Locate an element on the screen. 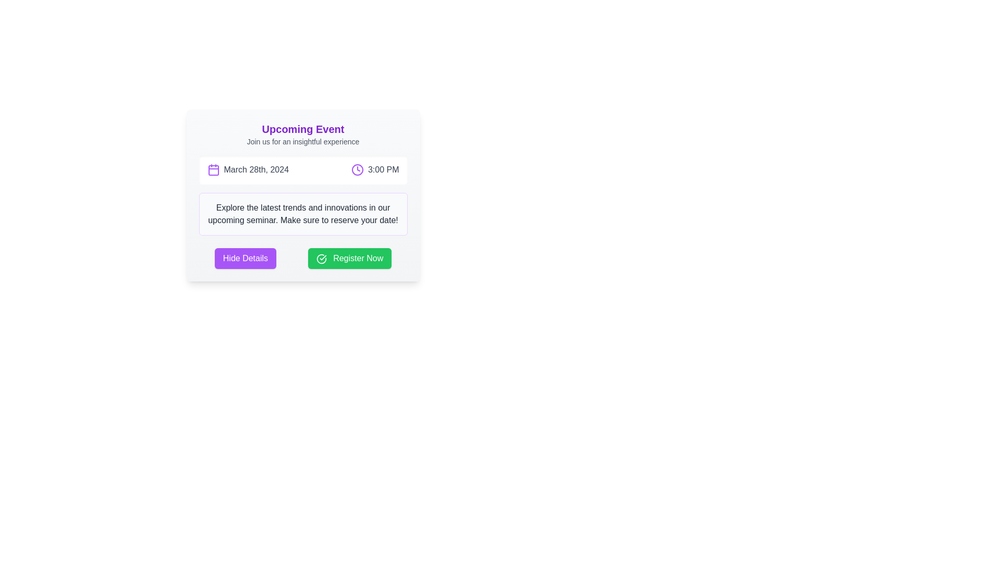 This screenshot has width=1001, height=563. the rounded rectangle within the calendar icon, which is outlined in purple and positioned in the center of the 'March 28th, 2024' section is located at coordinates (213, 170).